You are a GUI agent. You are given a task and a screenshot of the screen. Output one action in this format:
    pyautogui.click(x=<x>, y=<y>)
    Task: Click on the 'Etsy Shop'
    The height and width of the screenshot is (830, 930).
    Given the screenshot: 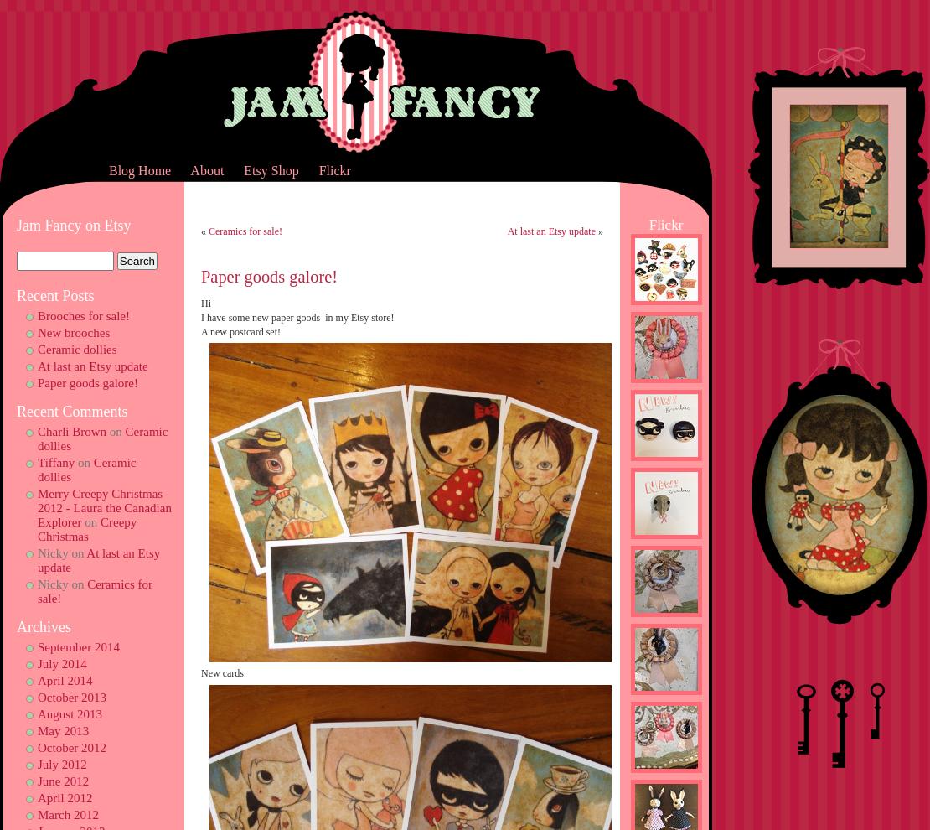 What is the action you would take?
    pyautogui.click(x=270, y=169)
    